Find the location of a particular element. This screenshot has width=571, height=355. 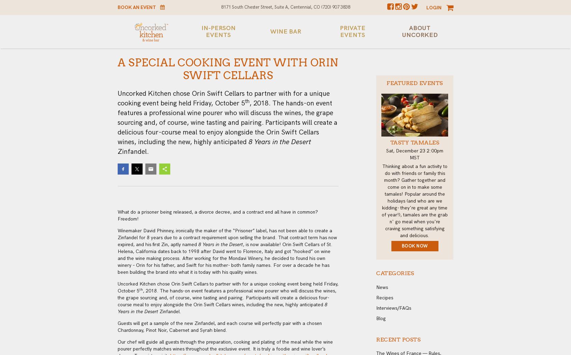

'Interviews/FAQs' is located at coordinates (376, 307).